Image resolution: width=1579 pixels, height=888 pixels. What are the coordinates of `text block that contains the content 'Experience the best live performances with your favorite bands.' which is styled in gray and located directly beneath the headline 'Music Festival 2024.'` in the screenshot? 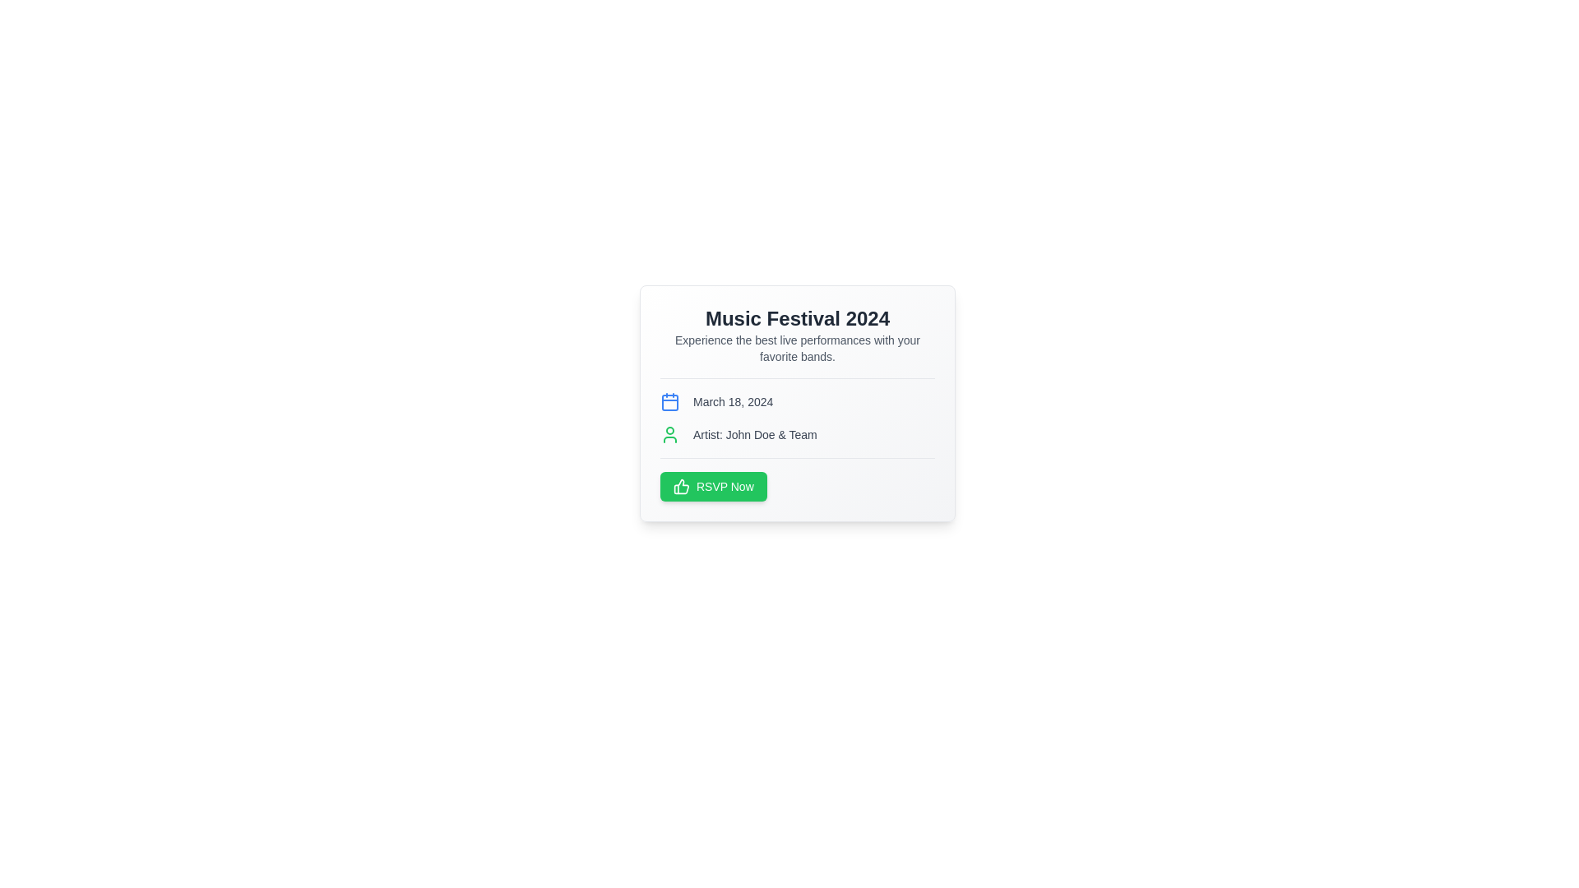 It's located at (797, 348).